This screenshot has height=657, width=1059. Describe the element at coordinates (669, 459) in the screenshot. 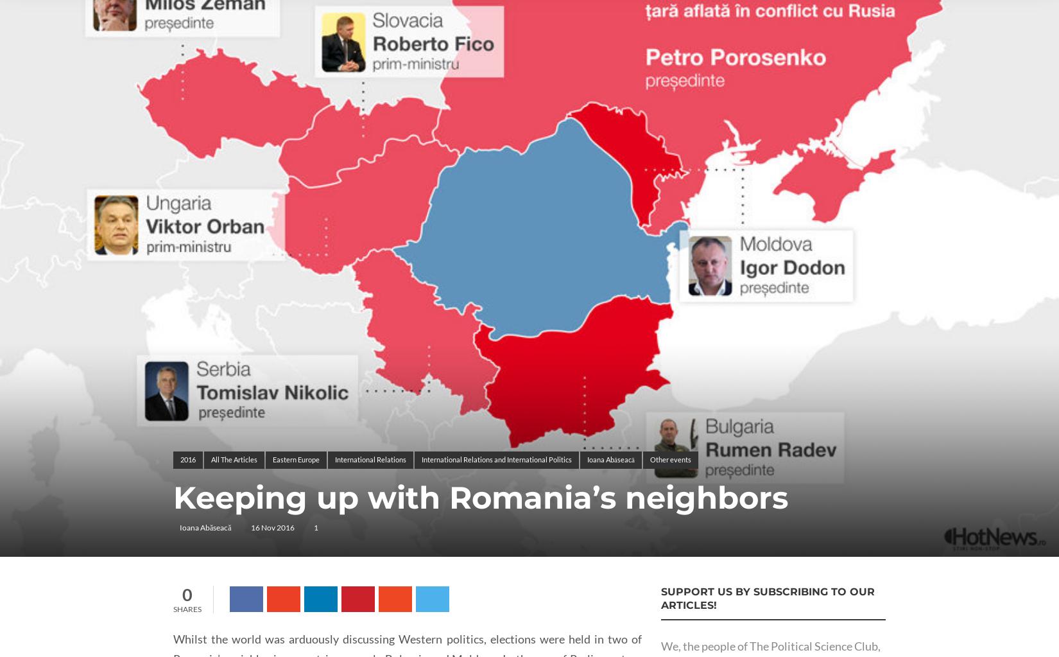

I see `'Other events'` at that location.